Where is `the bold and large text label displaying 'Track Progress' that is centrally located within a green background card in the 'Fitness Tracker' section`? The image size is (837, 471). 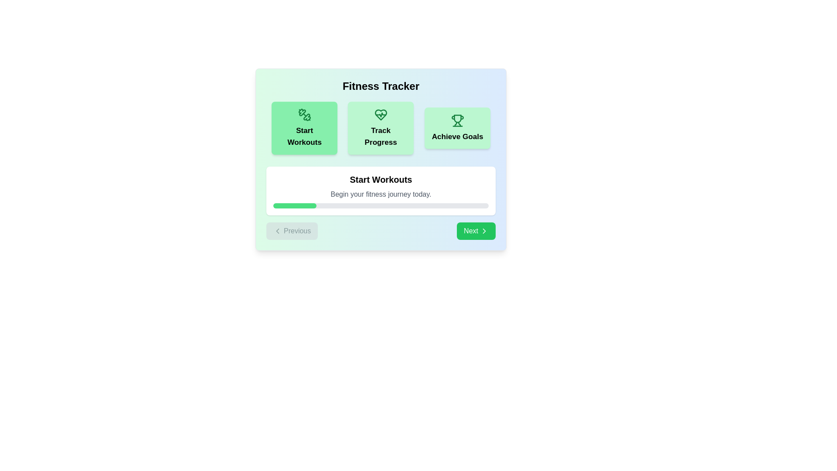
the bold and large text label displaying 'Track Progress' that is centrally located within a green background card in the 'Fitness Tracker' section is located at coordinates (381, 136).